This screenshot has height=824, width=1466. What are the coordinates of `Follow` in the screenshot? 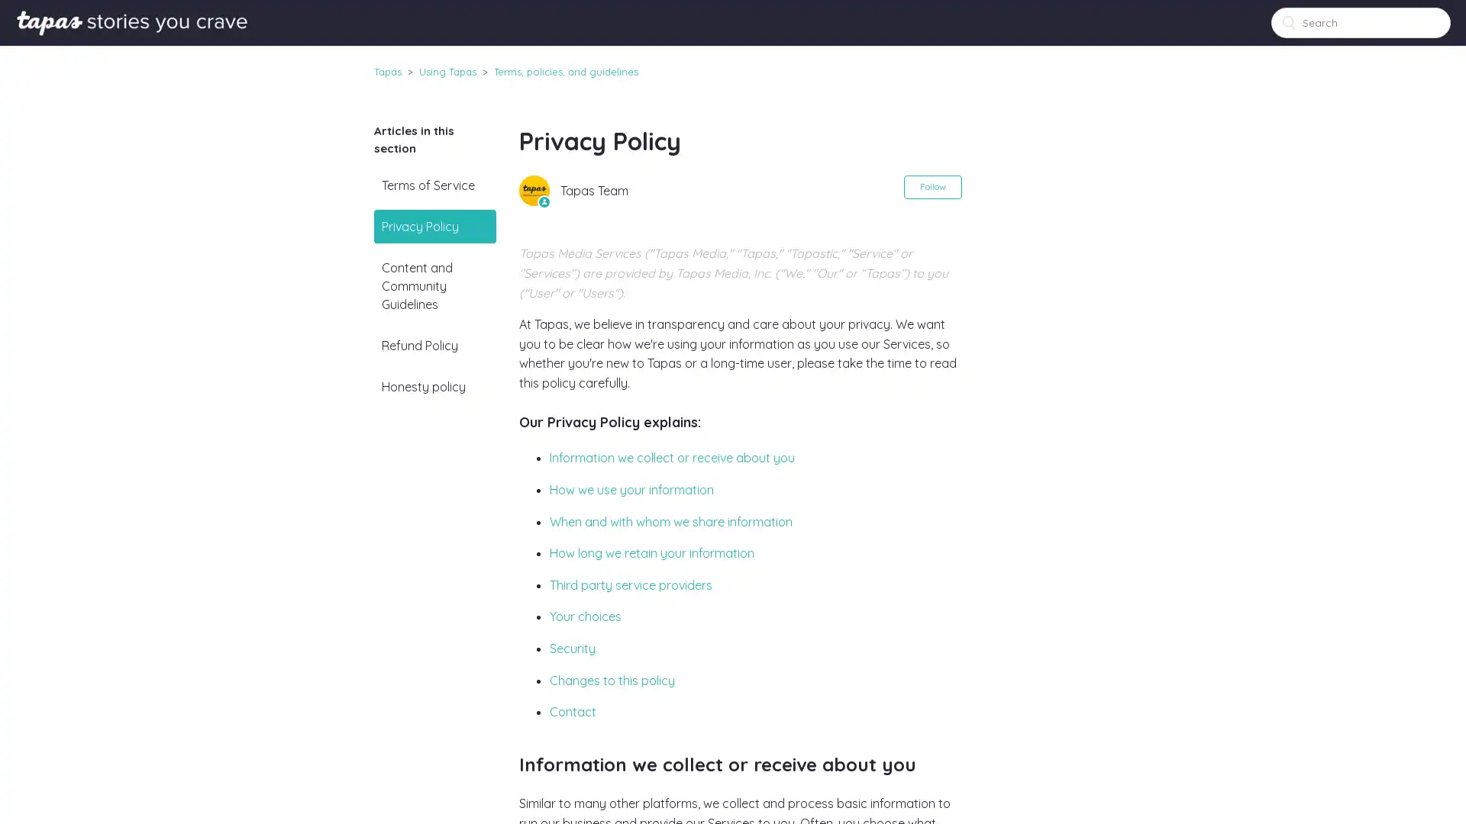 It's located at (931, 186).